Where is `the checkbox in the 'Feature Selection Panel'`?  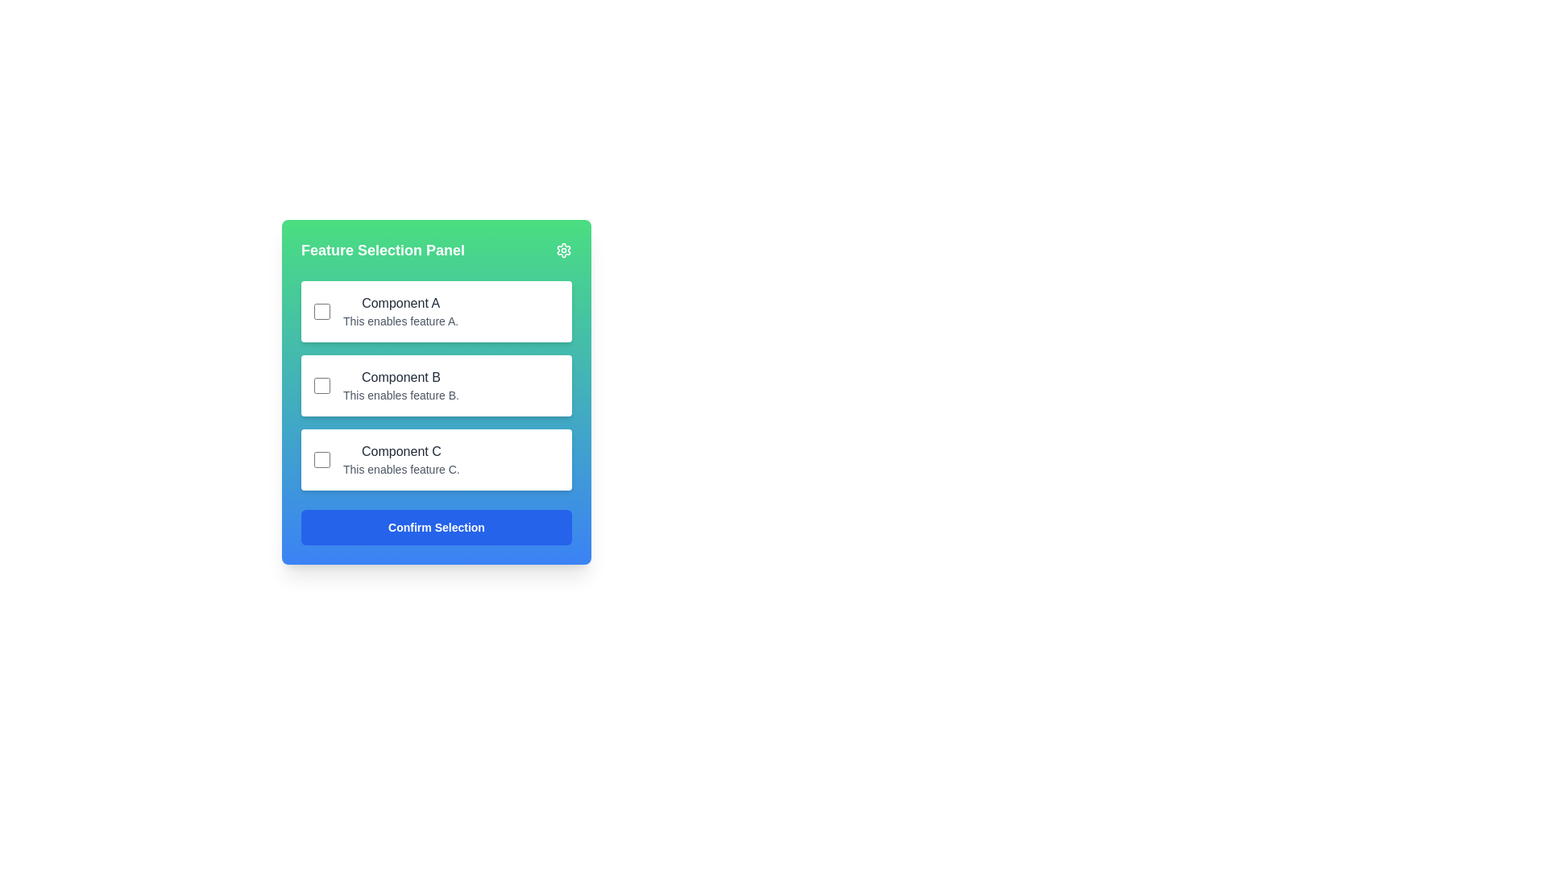
the checkbox in the 'Feature Selection Panel' is located at coordinates (437, 391).